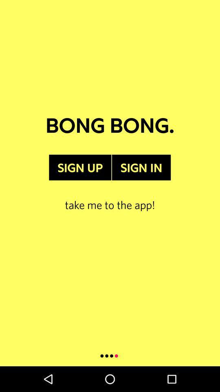 The width and height of the screenshot is (220, 392). Describe the element at coordinates (141, 167) in the screenshot. I see `the sign in item` at that location.